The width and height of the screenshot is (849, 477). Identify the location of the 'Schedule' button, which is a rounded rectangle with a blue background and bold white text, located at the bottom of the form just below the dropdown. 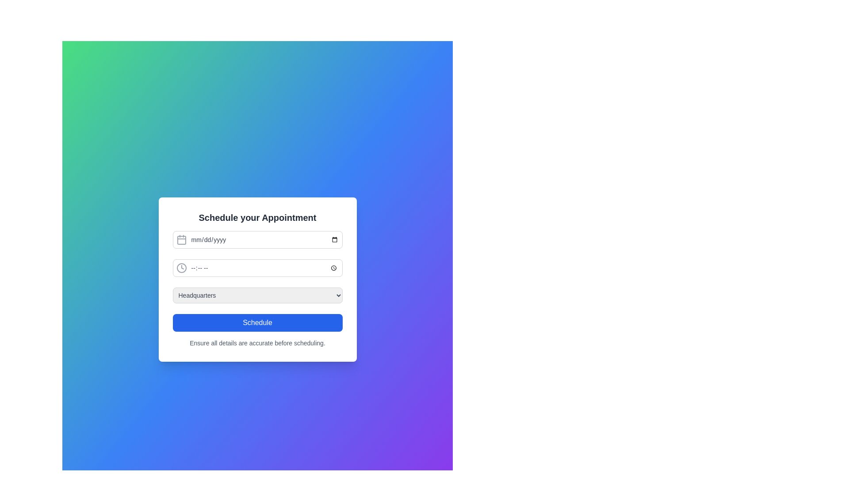
(257, 323).